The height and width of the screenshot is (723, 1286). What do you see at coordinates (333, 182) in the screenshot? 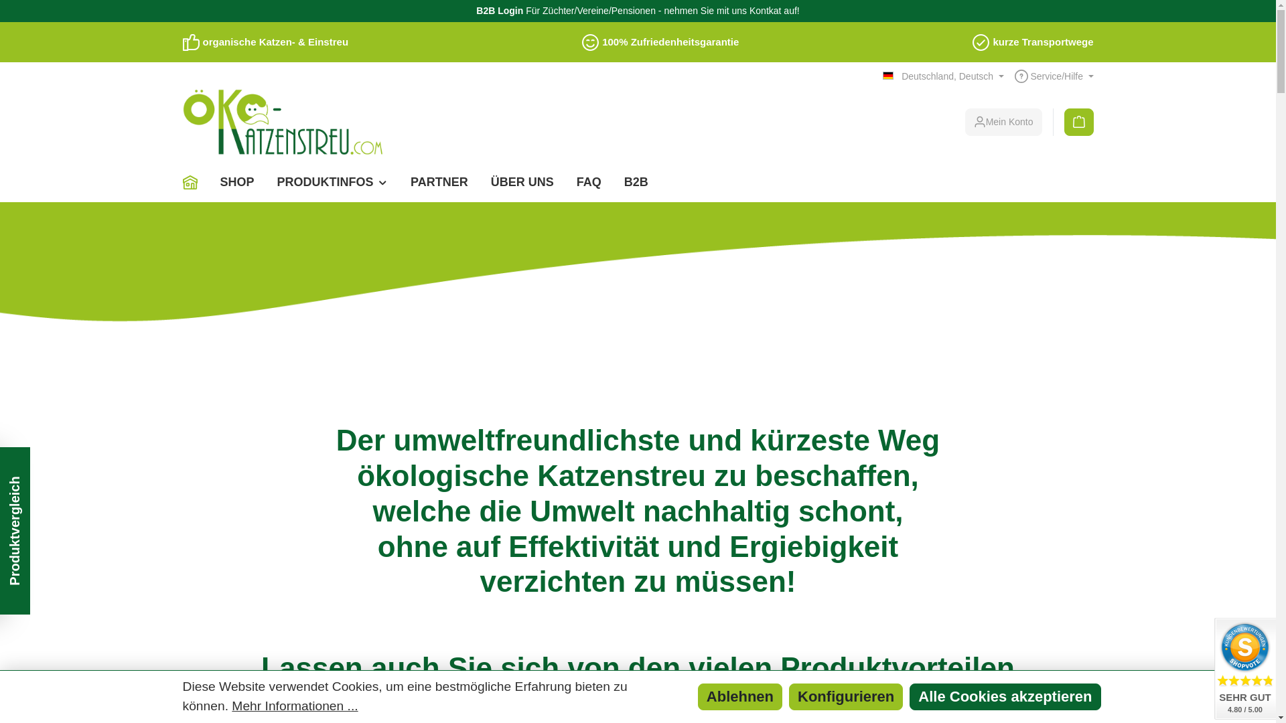
I see `'PRODUKTINFOS'` at bounding box center [333, 182].